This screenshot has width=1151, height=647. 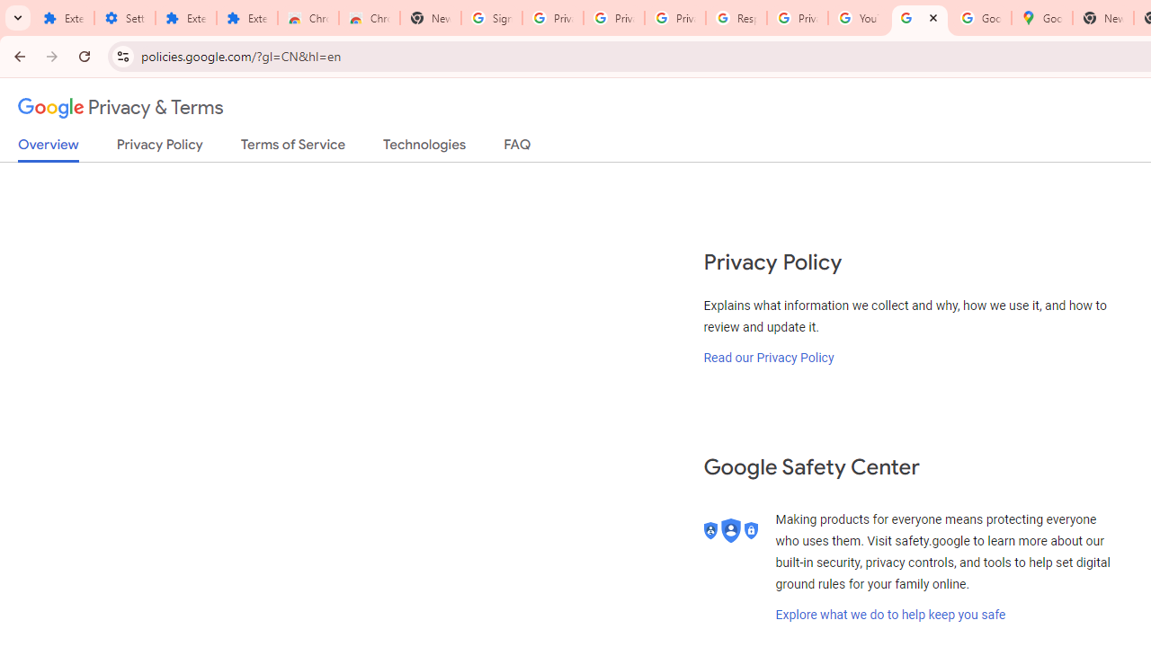 I want to click on 'Google Maps', so click(x=1042, y=18).